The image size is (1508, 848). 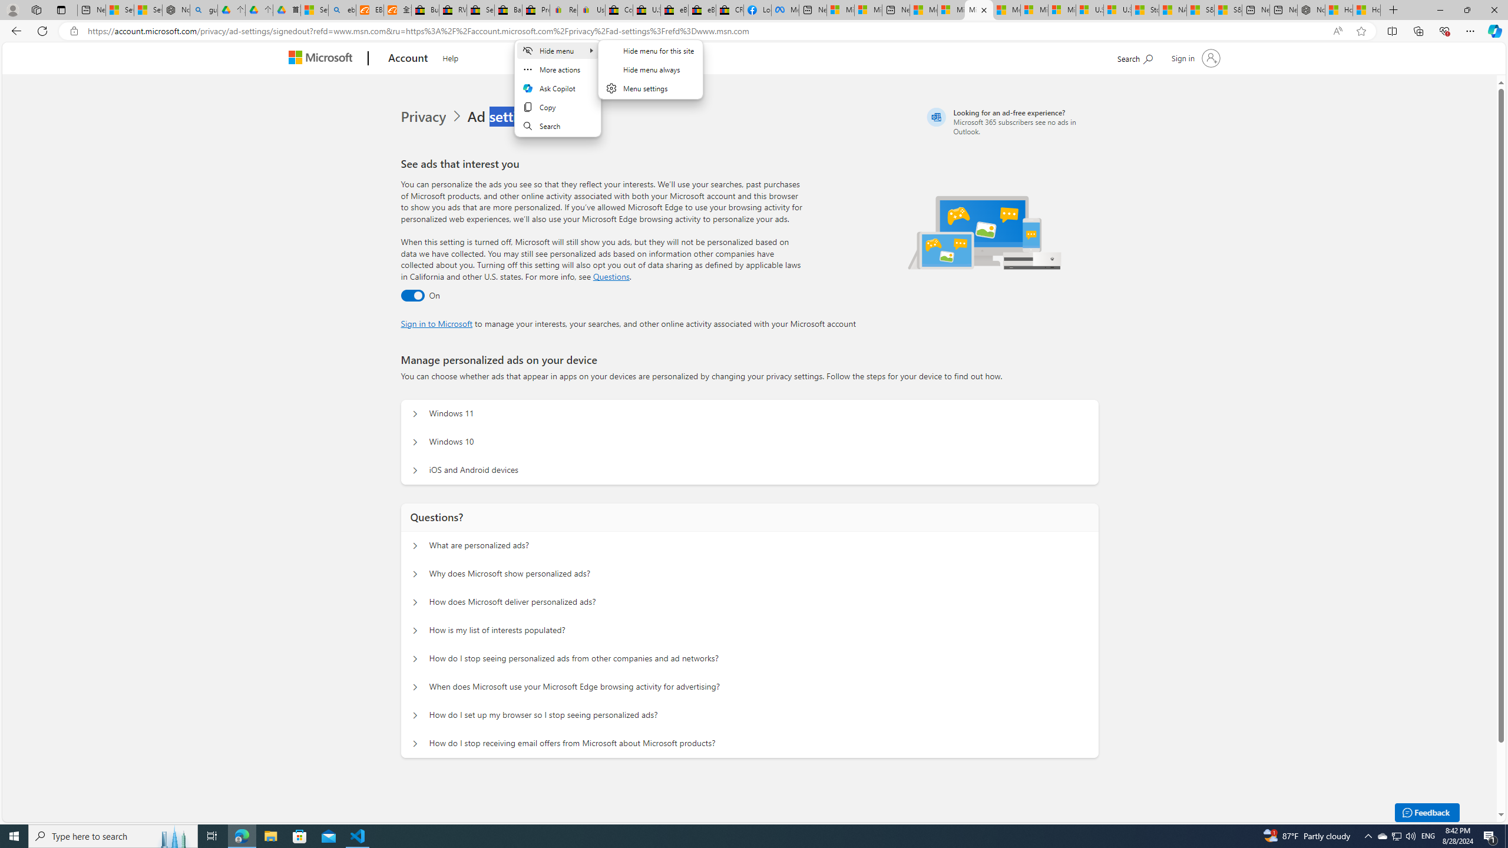 What do you see at coordinates (480, 9) in the screenshot?
I see `'Sell worldwide with eBay'` at bounding box center [480, 9].